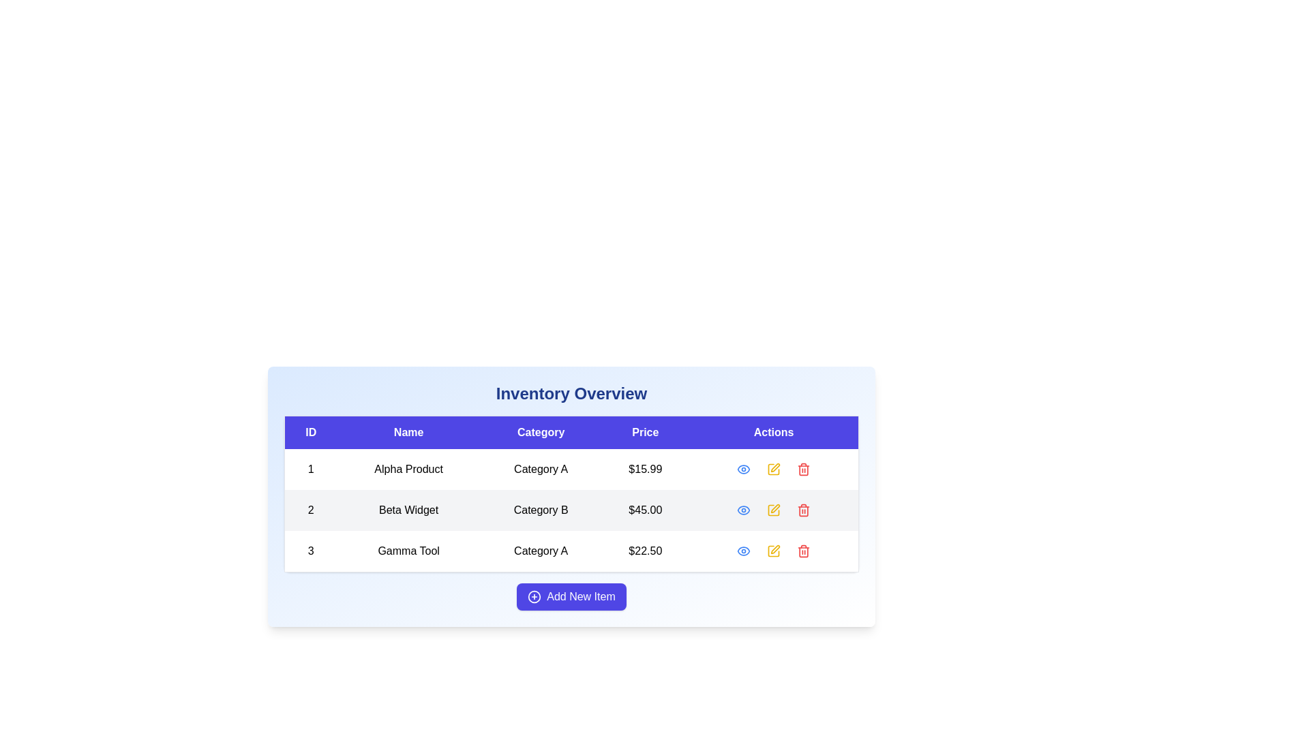  What do you see at coordinates (774, 469) in the screenshot?
I see `the edit button located in the Actions column for the first item in the Inventory Overview section` at bounding box center [774, 469].